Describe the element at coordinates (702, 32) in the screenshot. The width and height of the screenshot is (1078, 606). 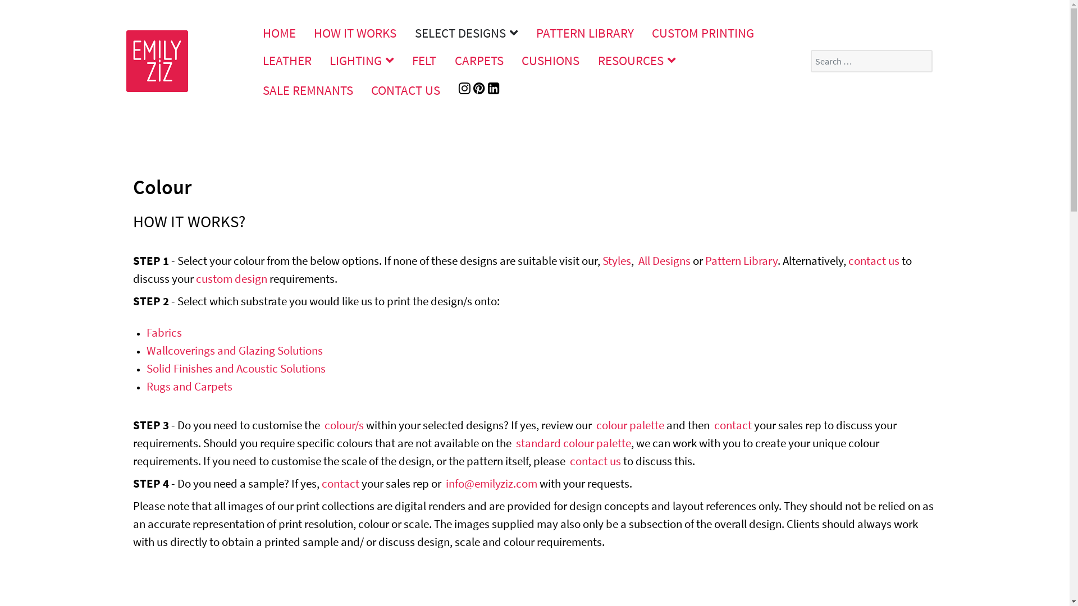
I see `'CUSTOM PRINTING'` at that location.